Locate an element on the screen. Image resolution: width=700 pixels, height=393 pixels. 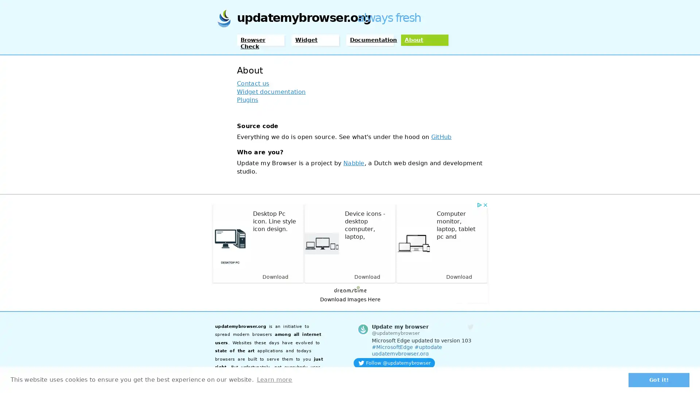
learn more about cookies is located at coordinates (274, 380).